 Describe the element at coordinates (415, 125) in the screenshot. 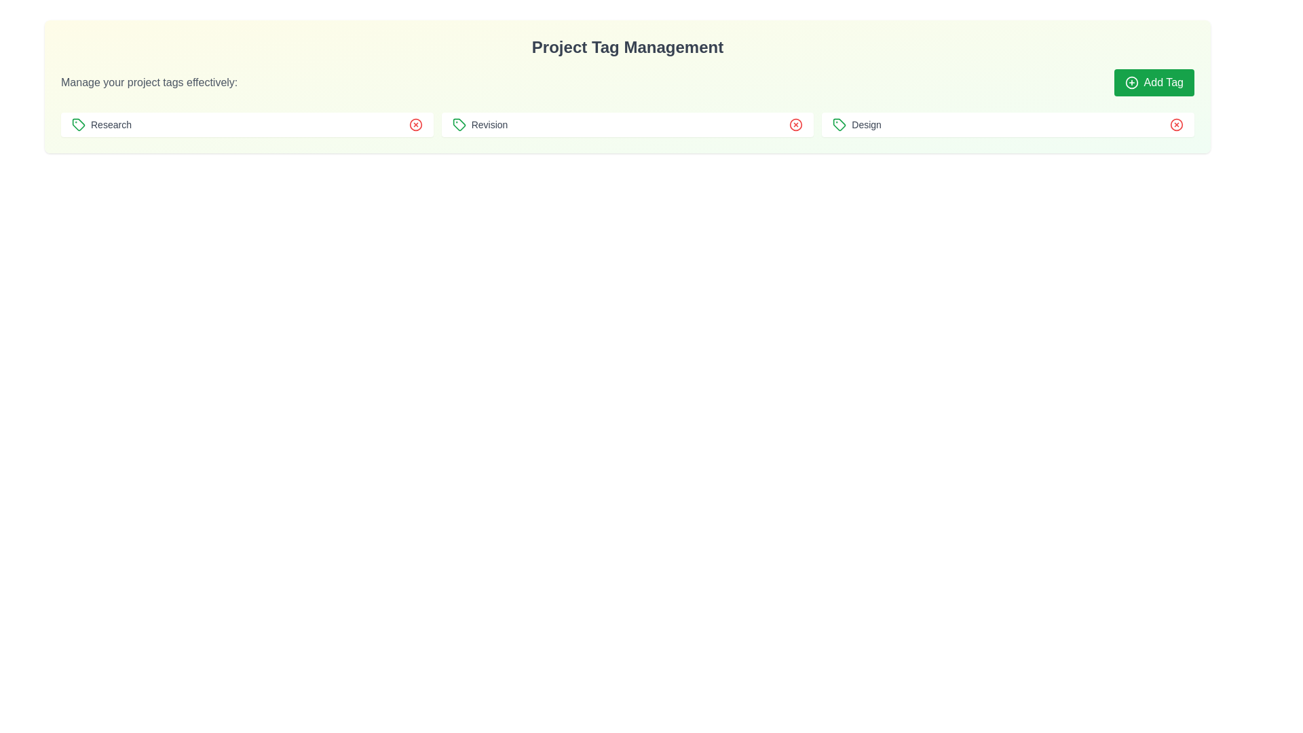

I see `the 'close' icon within the 'Revision' tag in the horizontal list of tags at the top of the interface` at that location.